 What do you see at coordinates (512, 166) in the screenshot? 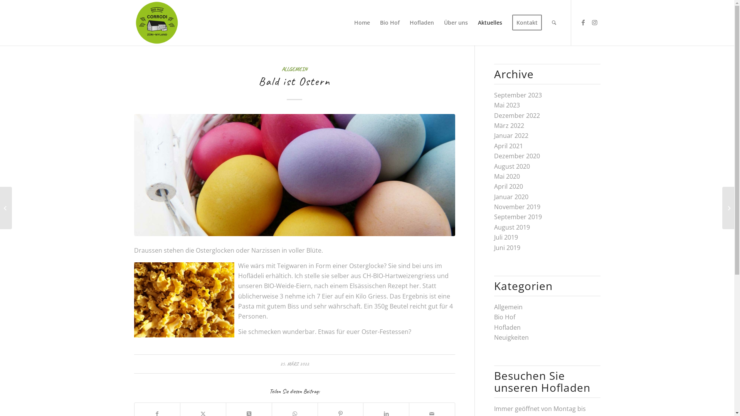
I see `'August 2020'` at bounding box center [512, 166].